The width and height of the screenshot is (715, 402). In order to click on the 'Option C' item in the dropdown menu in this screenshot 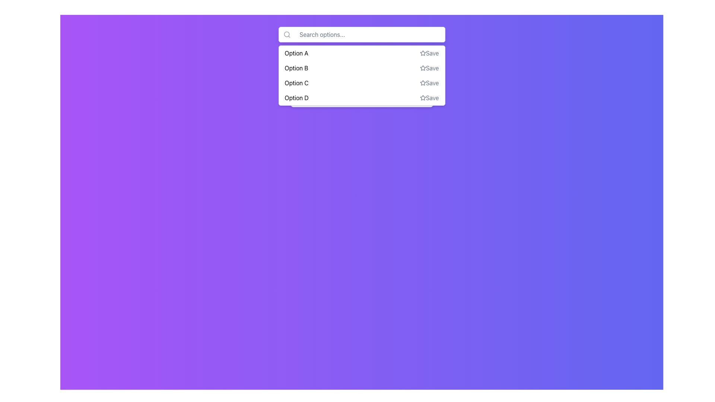, I will do `click(362, 83)`.